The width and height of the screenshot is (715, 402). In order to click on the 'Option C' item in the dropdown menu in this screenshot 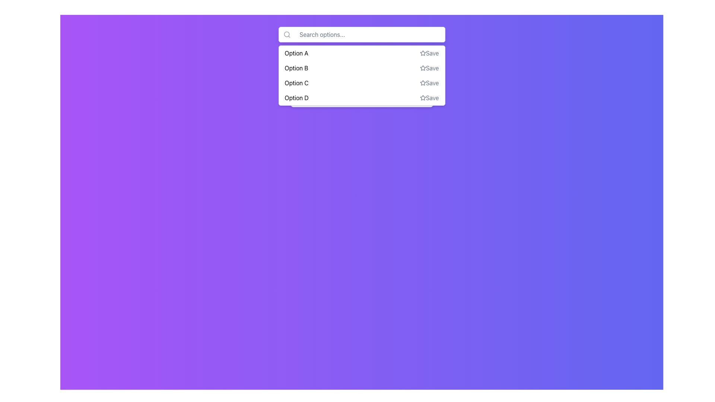, I will do `click(362, 83)`.